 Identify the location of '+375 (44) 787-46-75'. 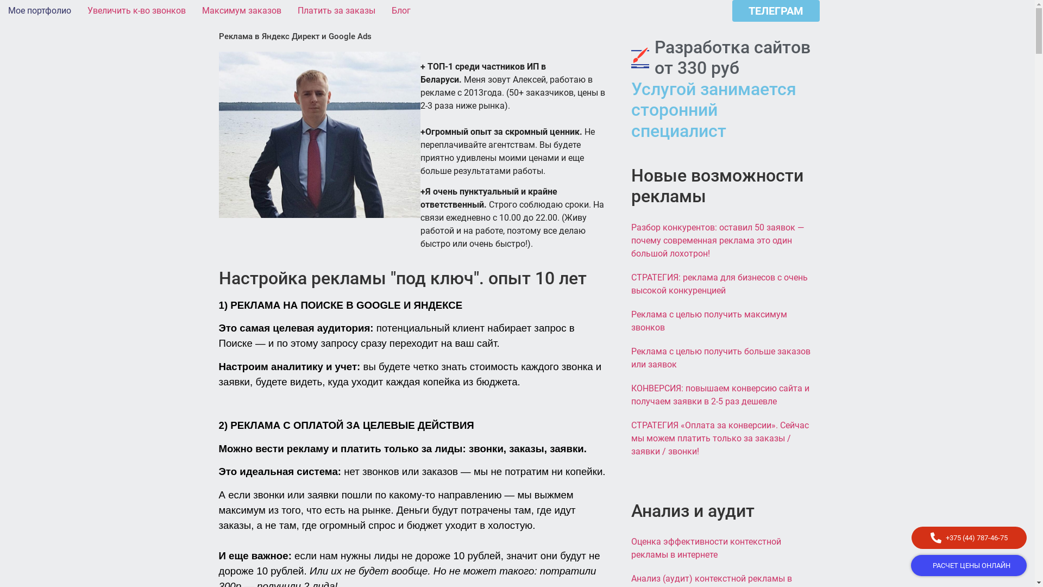
(969, 537).